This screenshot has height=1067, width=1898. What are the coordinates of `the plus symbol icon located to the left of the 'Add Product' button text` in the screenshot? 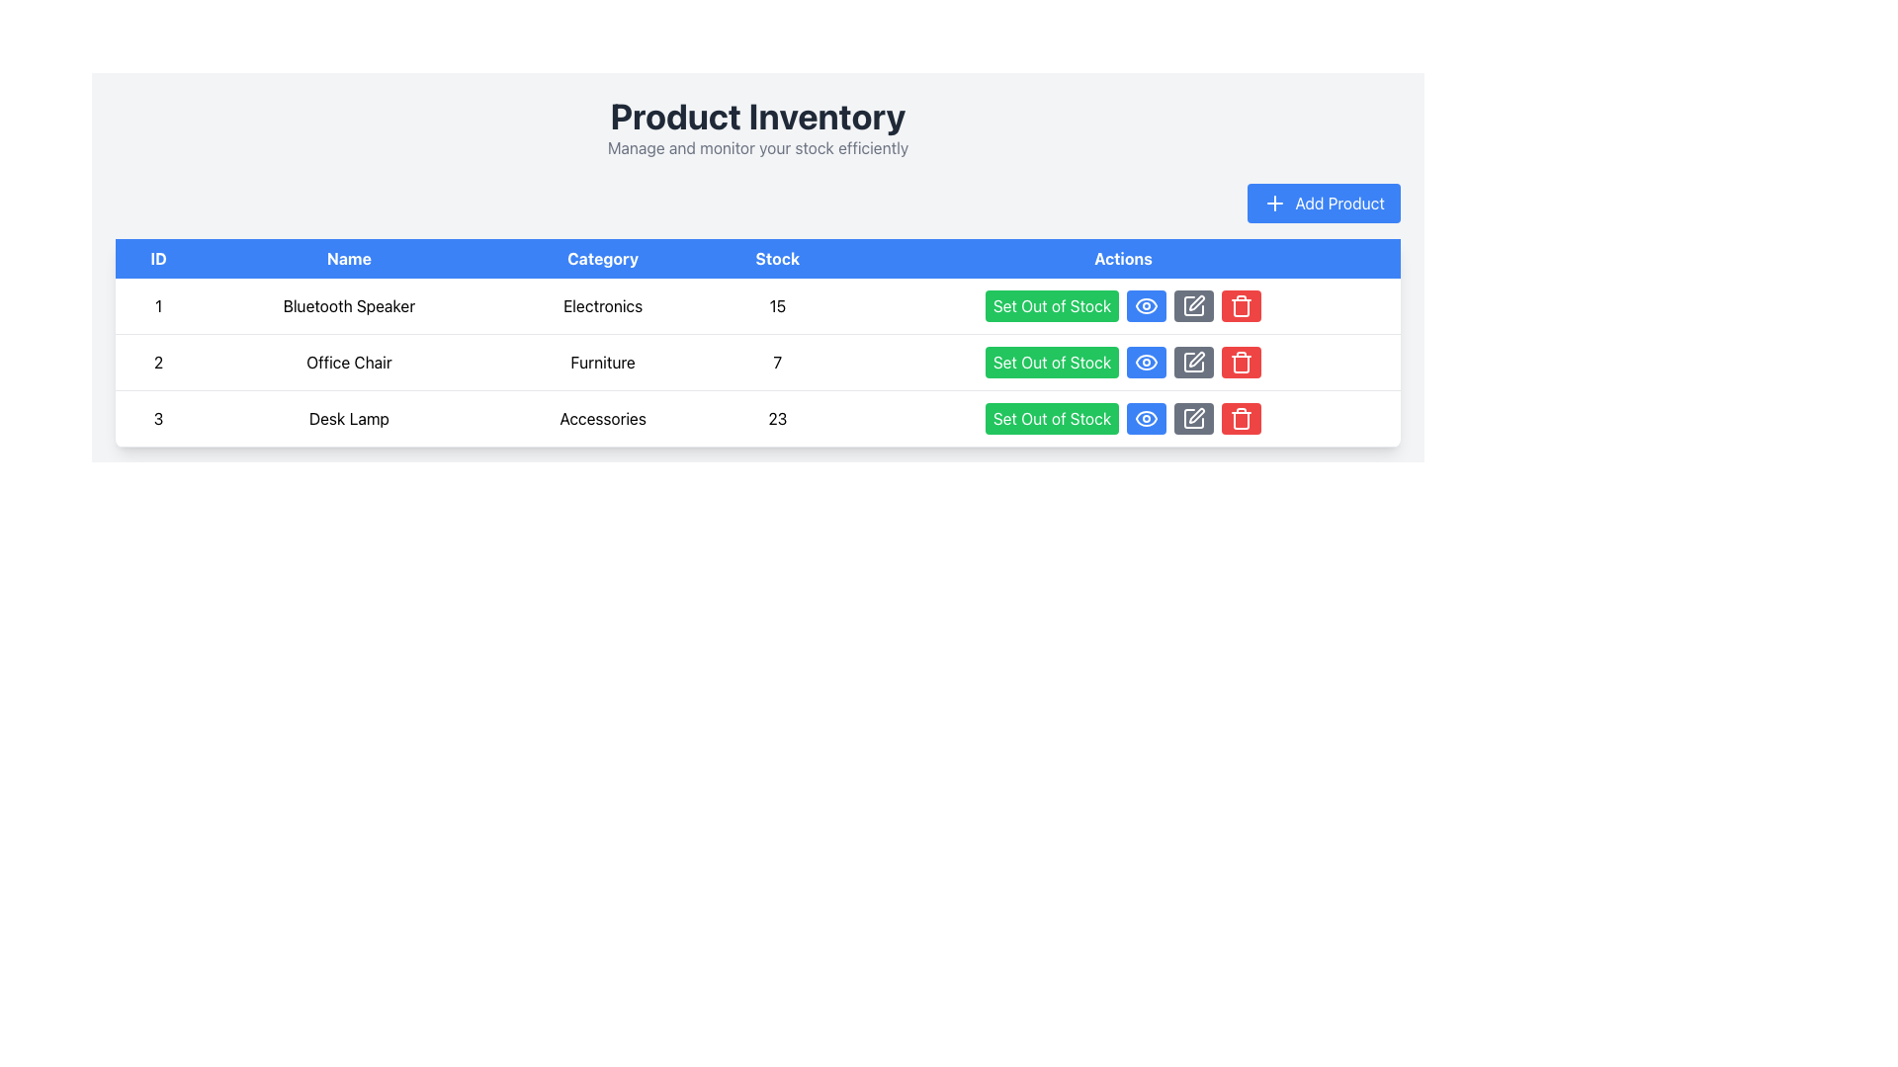 It's located at (1275, 203).